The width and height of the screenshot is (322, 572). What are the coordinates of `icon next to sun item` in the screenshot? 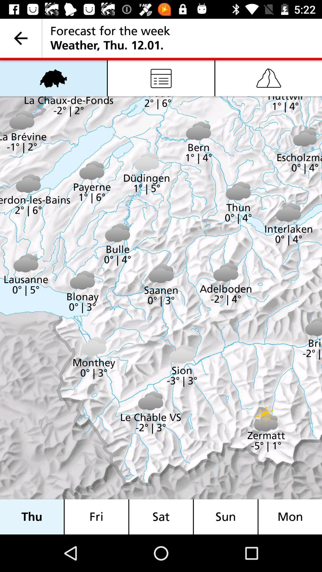 It's located at (161, 517).